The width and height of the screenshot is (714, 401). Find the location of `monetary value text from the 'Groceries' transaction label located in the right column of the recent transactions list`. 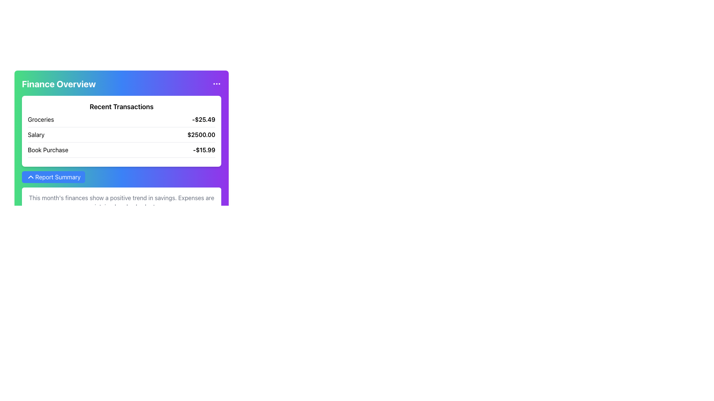

monetary value text from the 'Groceries' transaction label located in the right column of the recent transactions list is located at coordinates (203, 119).